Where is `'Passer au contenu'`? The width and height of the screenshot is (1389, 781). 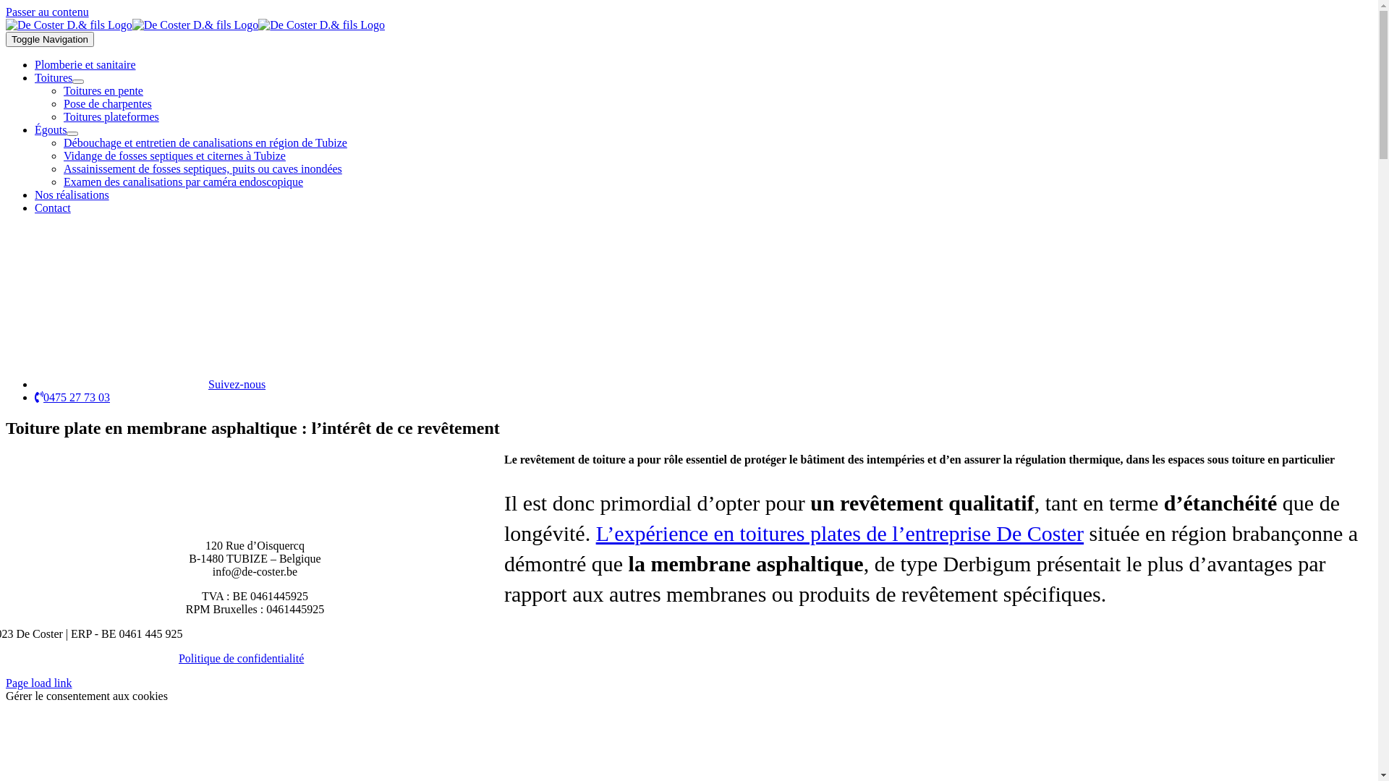 'Passer au contenu' is located at coordinates (47, 12).